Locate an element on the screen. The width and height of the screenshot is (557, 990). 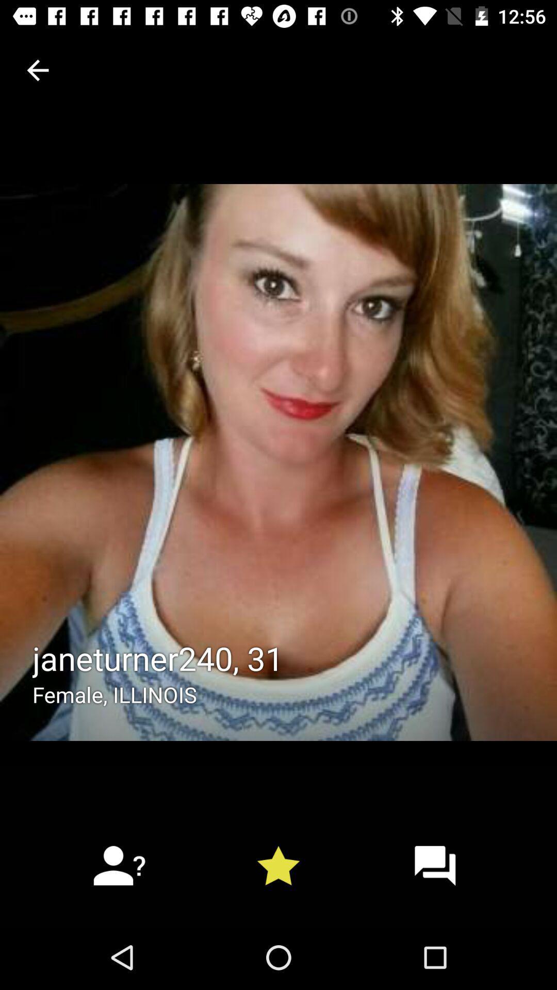
the chat icon is located at coordinates (435, 865).